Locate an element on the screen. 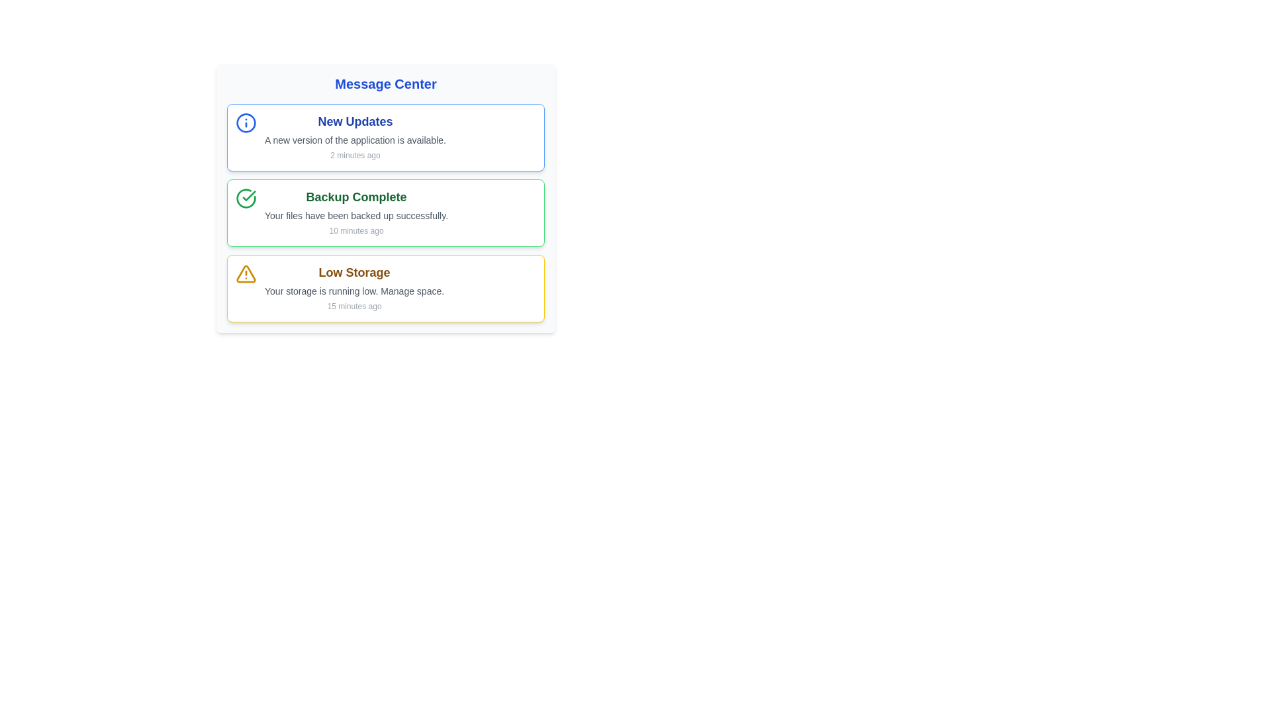  the circular blue information icon with an 'i' in the center, located at the topmost notification in the 'New Updates' section of the Message Center interface is located at coordinates (246, 122).